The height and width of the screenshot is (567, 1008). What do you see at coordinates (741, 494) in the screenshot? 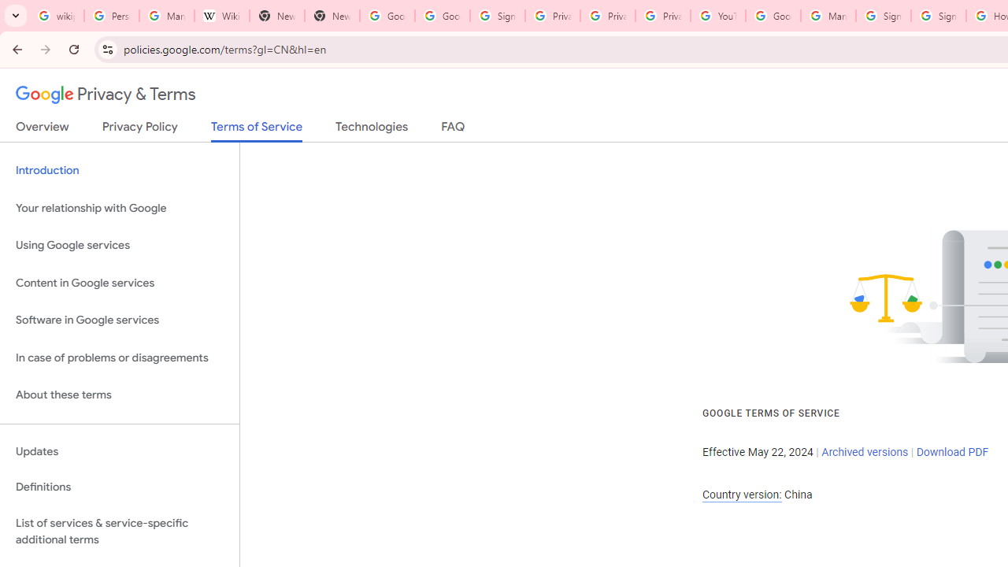
I see `'Country version:'` at bounding box center [741, 494].